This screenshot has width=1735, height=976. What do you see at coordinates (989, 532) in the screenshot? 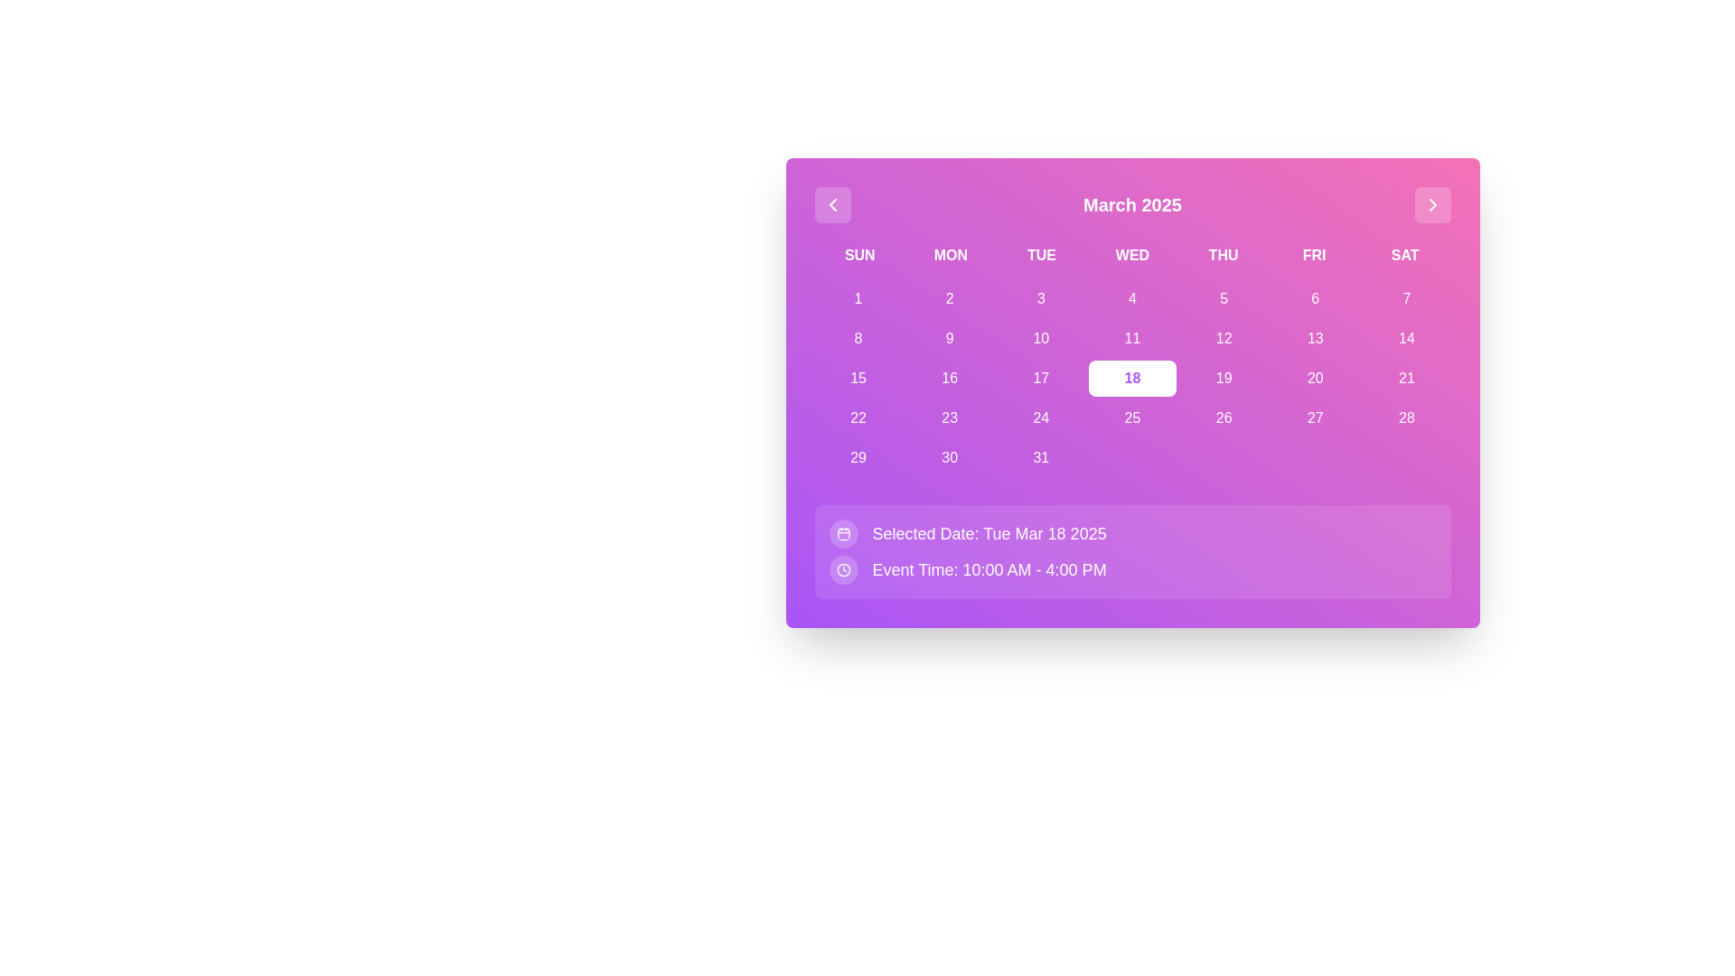
I see `the Text display that indicates the selected date, positioned below the calendar grid and above 'Event Time: 10:00 AM - 4:00 PM'` at bounding box center [989, 532].